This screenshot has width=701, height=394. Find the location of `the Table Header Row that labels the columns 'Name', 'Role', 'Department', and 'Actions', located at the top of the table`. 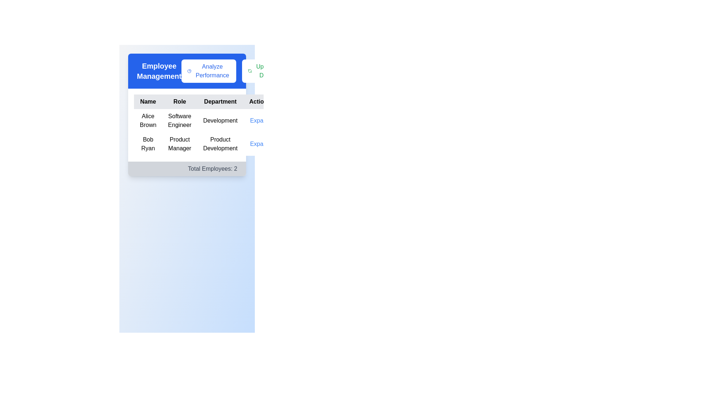

the Table Header Row that labels the columns 'Name', 'Role', 'Department', and 'Actions', located at the top of the table is located at coordinates (205, 101).